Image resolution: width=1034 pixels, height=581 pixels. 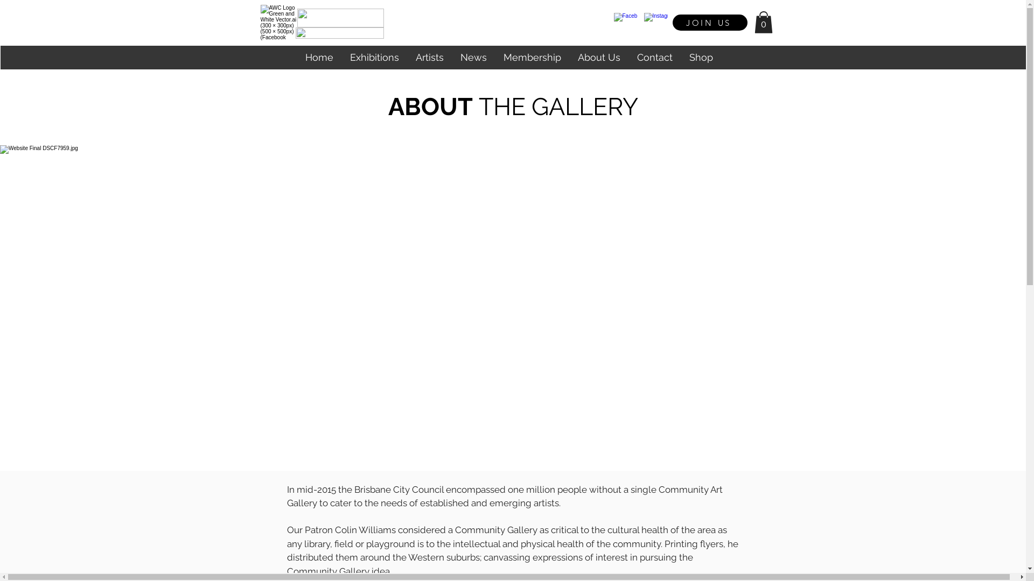 What do you see at coordinates (701, 58) in the screenshot?
I see `'Shop'` at bounding box center [701, 58].